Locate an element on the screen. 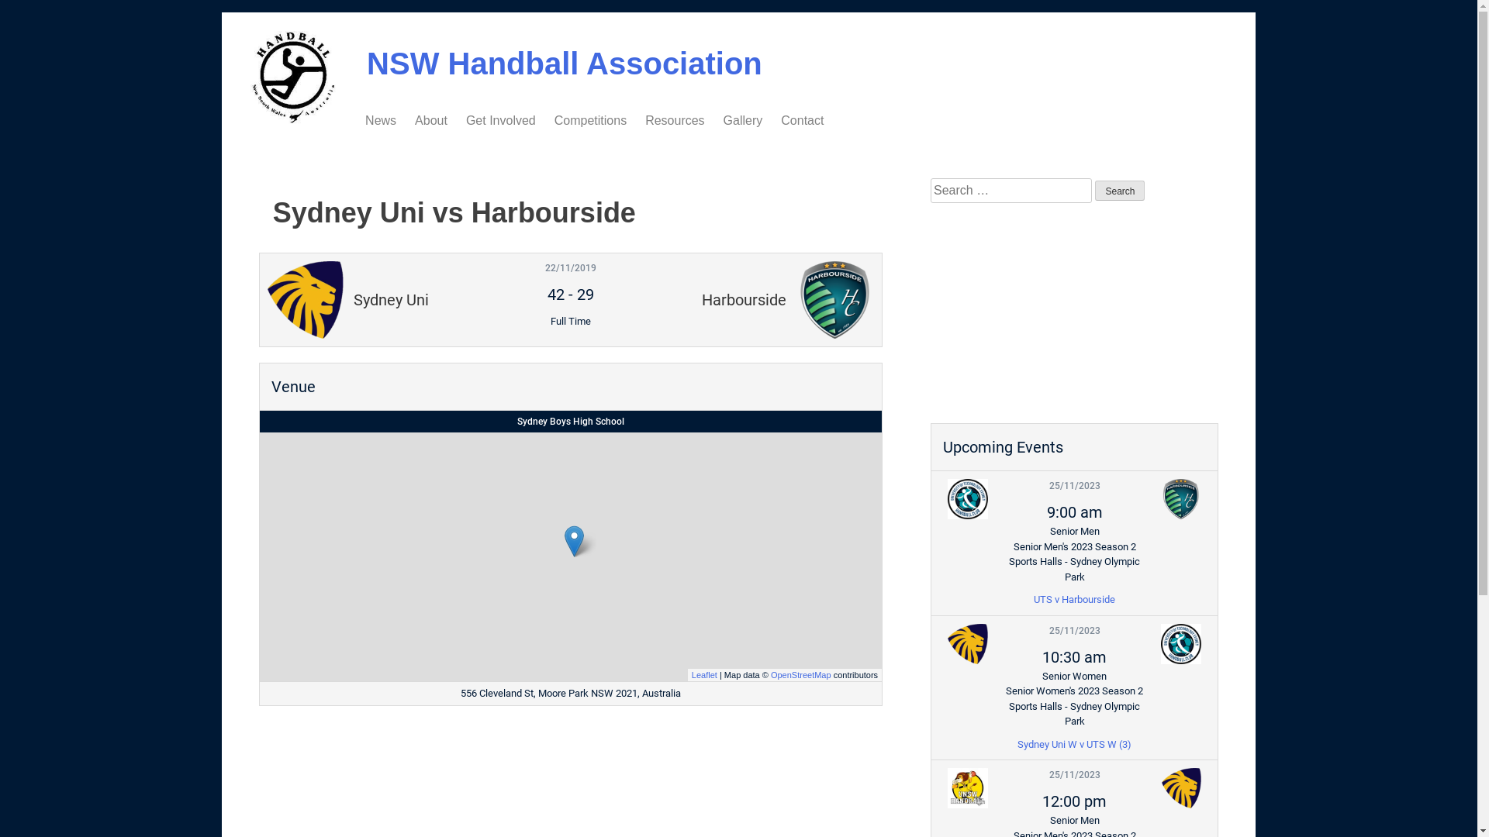 This screenshot has width=1489, height=837. 'Sydney Uni W v UTS W (3)' is located at coordinates (1073, 742).